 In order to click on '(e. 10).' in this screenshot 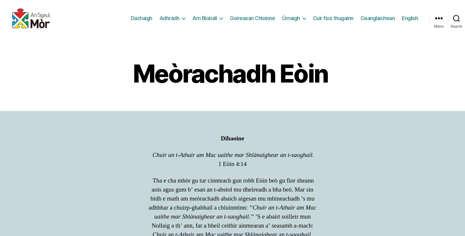, I will do `click(303, 22)`.